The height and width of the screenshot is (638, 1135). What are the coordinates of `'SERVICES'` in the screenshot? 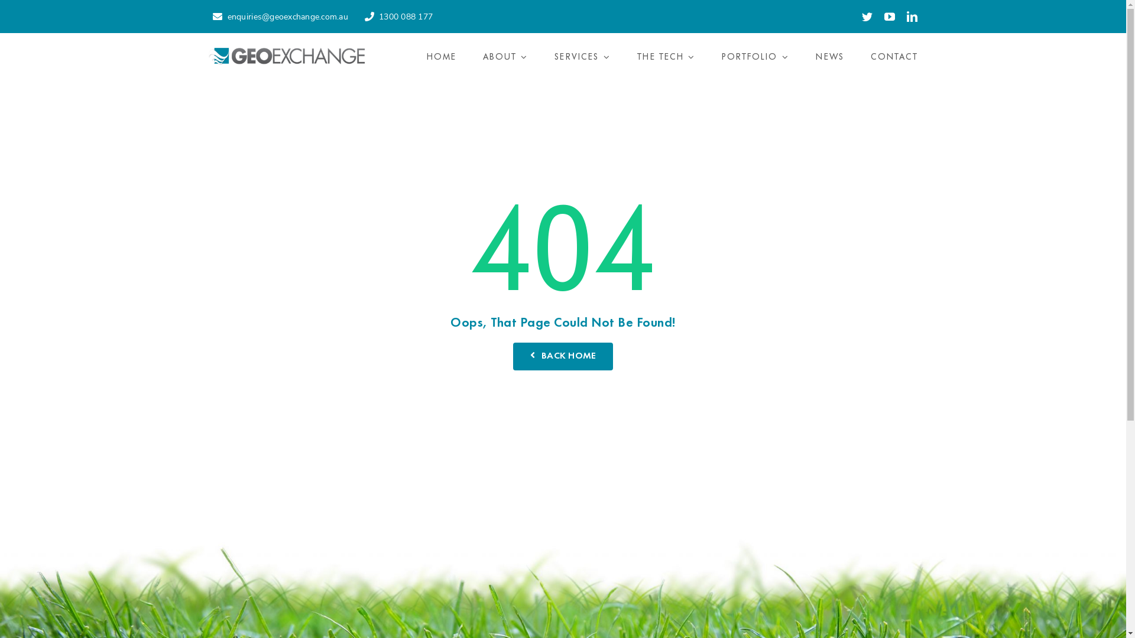 It's located at (582, 57).